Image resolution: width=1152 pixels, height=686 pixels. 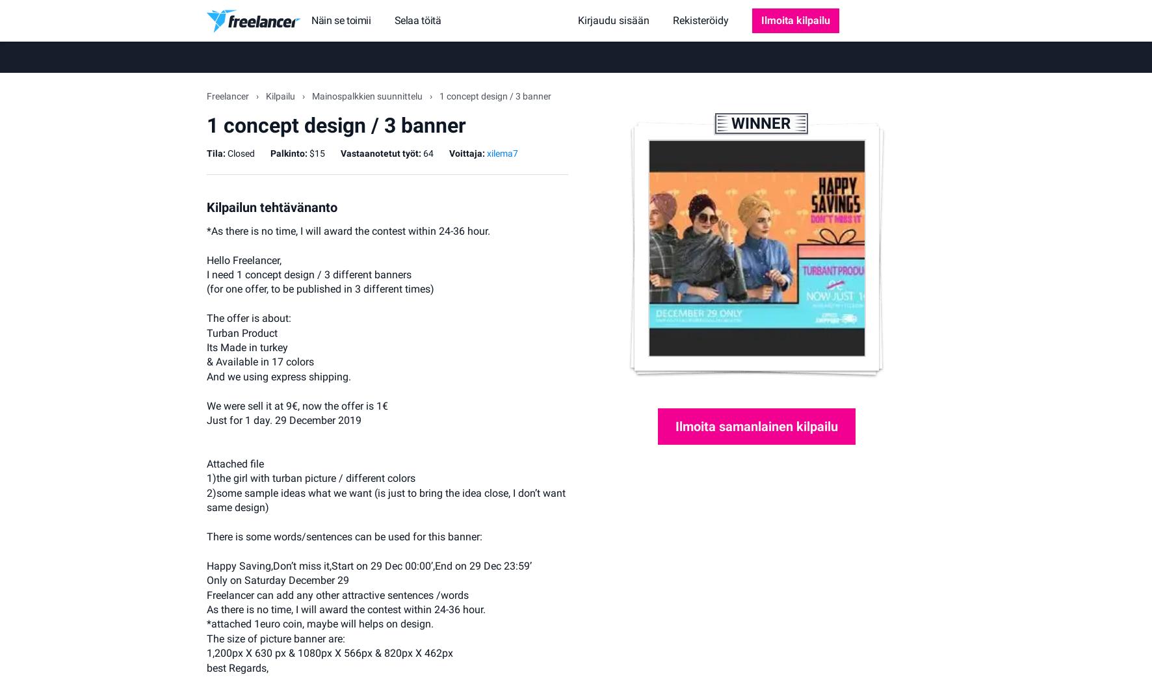 I want to click on 'The offer is about:', so click(x=206, y=318).